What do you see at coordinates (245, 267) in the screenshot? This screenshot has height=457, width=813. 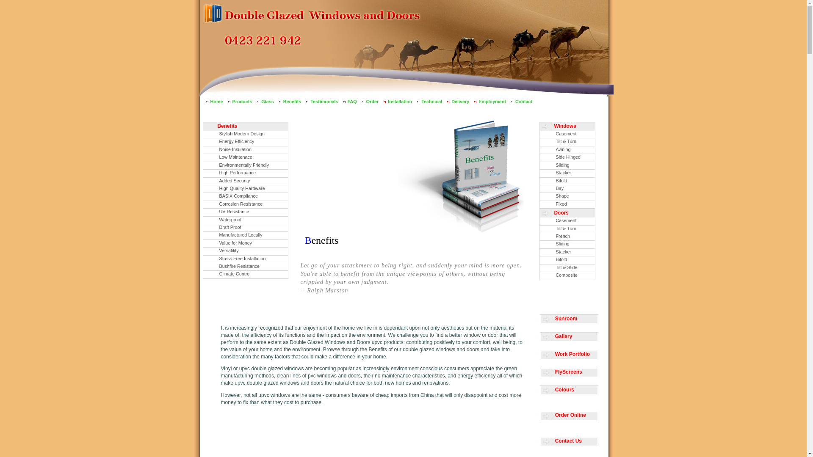 I see `'Bushfire Resistance'` at bounding box center [245, 267].